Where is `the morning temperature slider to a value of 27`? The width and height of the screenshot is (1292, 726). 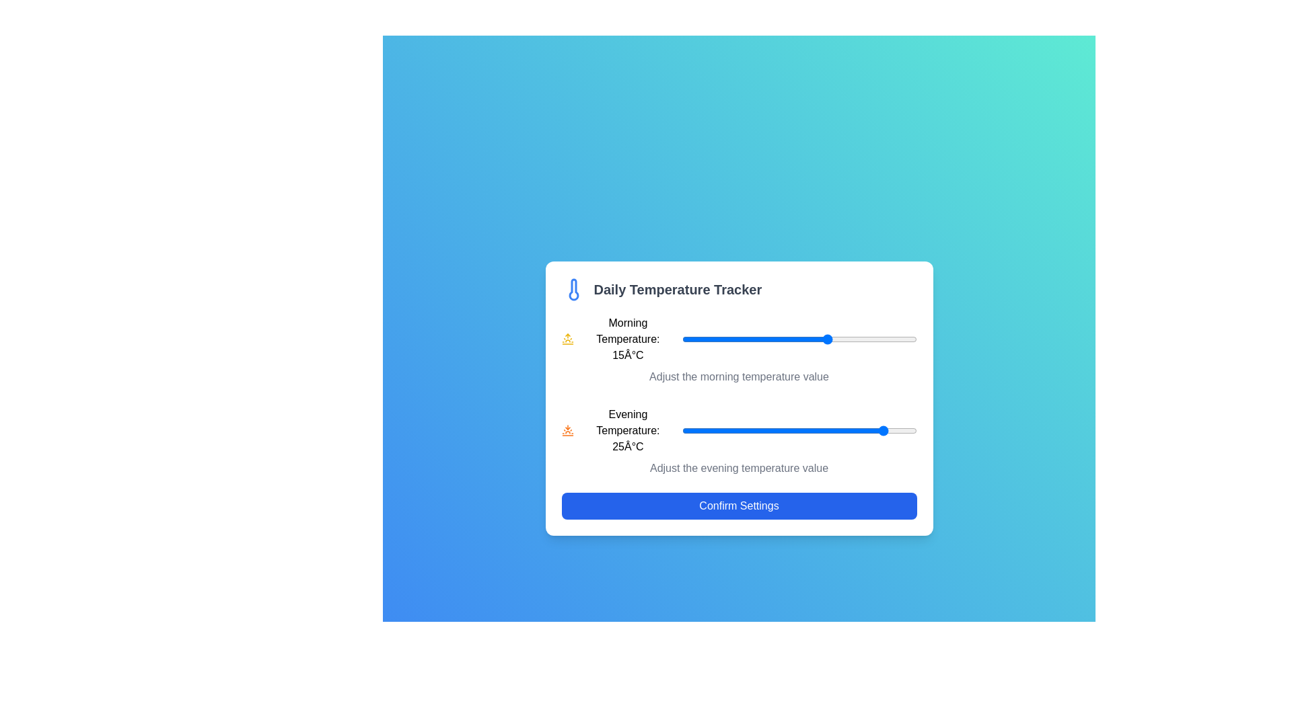 the morning temperature slider to a value of 27 is located at coordinates (899, 339).